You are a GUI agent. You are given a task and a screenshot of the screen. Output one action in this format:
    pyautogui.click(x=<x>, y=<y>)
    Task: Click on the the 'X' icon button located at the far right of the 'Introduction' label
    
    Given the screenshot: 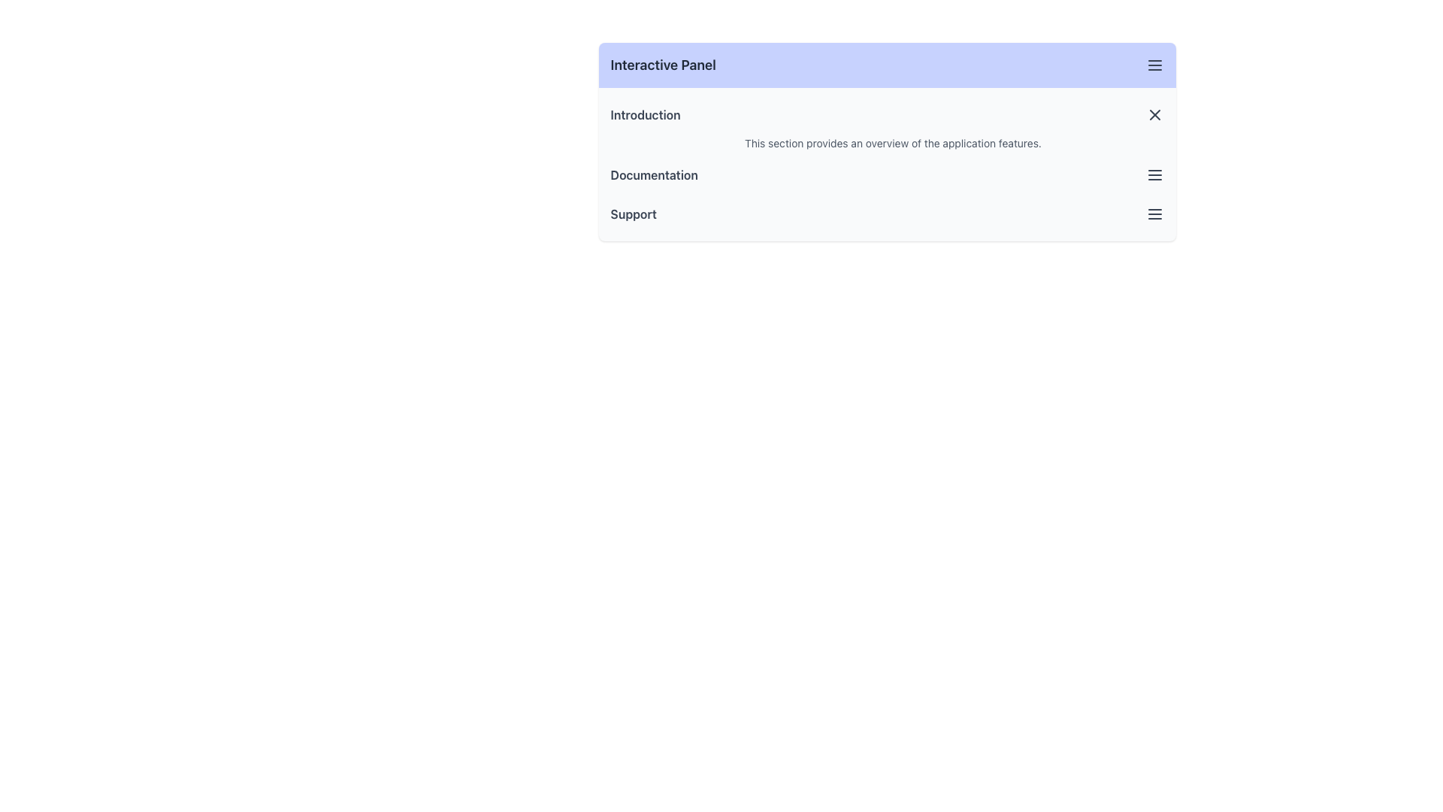 What is the action you would take?
    pyautogui.click(x=1154, y=114)
    